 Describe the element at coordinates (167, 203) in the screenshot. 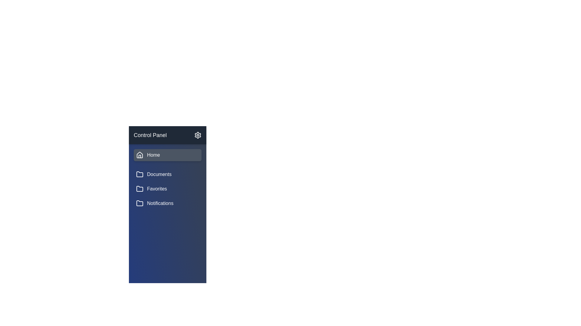

I see `the list item labeled Notifications to observe the hover effect` at that location.